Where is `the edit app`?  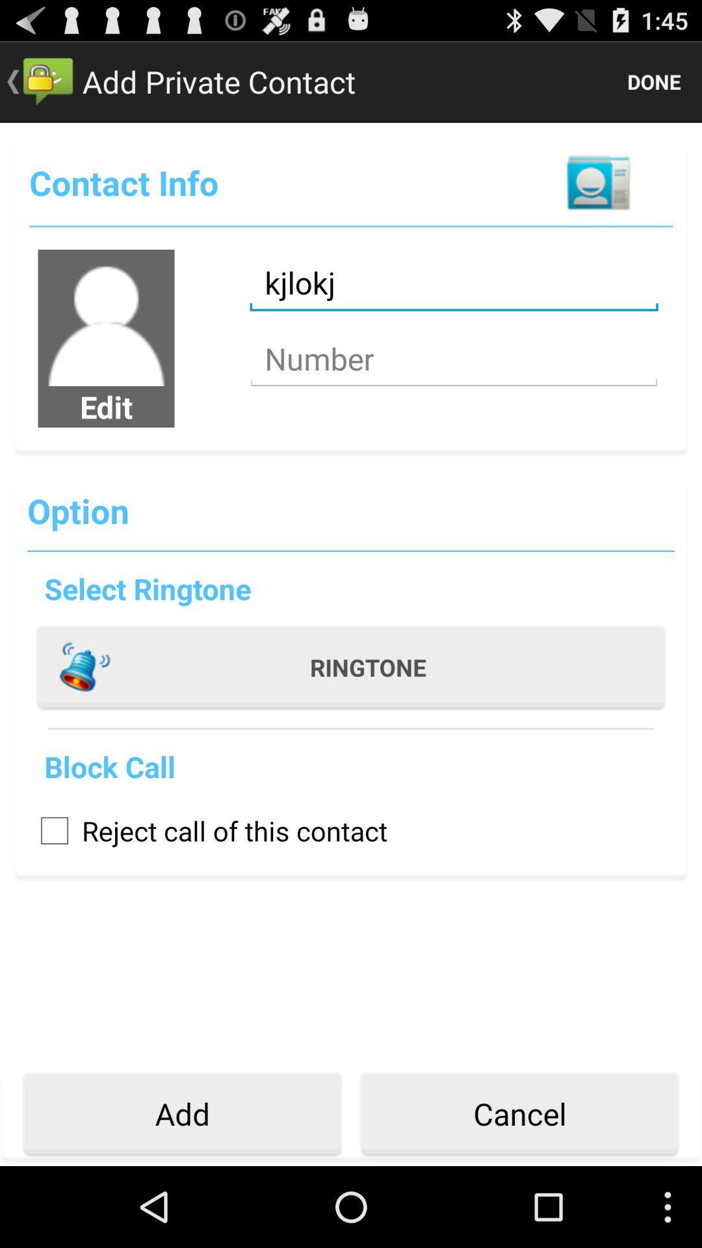
the edit app is located at coordinates (105, 406).